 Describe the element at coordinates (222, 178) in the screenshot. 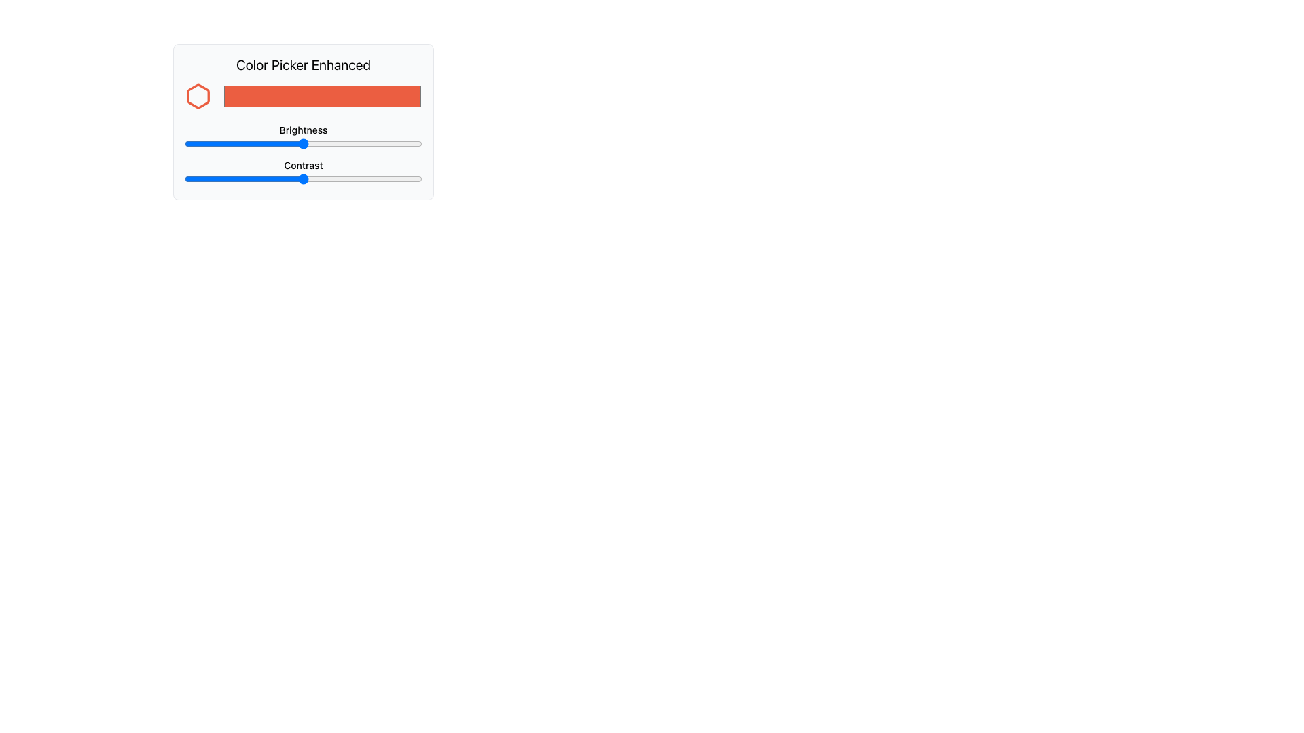

I see `contrast` at that location.